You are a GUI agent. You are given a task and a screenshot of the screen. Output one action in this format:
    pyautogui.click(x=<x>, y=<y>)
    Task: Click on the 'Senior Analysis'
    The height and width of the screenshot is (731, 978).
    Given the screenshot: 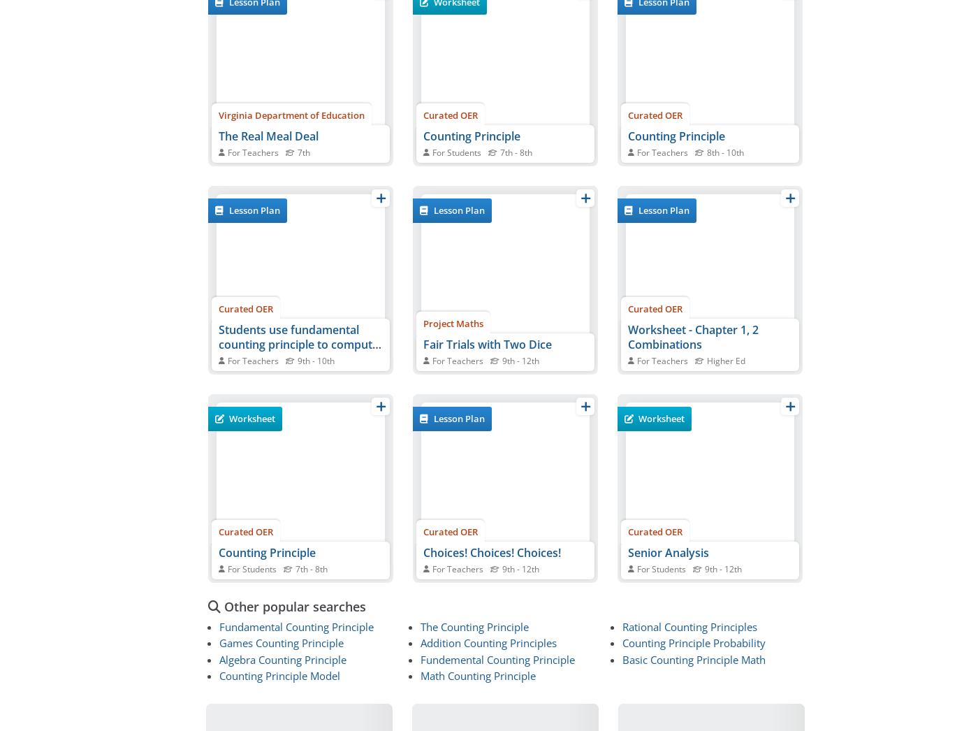 What is the action you would take?
    pyautogui.click(x=669, y=552)
    